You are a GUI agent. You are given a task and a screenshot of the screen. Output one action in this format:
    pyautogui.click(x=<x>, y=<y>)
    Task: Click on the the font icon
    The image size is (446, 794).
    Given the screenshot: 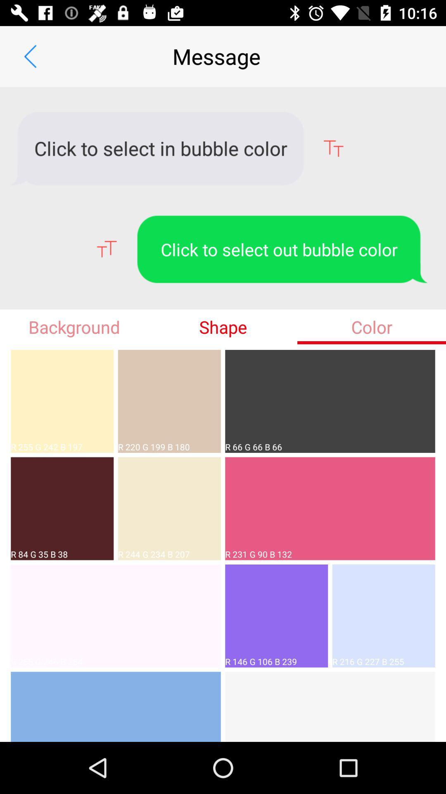 What is the action you would take?
    pyautogui.click(x=333, y=148)
    